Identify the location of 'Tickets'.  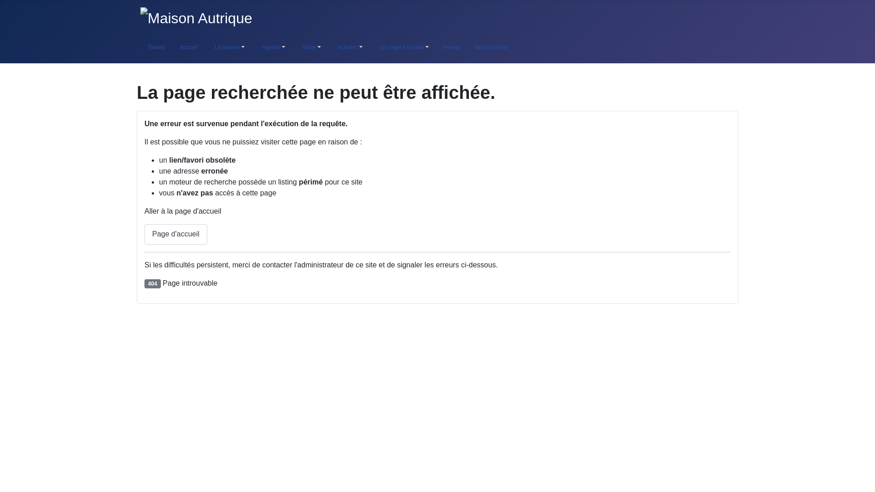
(156, 47).